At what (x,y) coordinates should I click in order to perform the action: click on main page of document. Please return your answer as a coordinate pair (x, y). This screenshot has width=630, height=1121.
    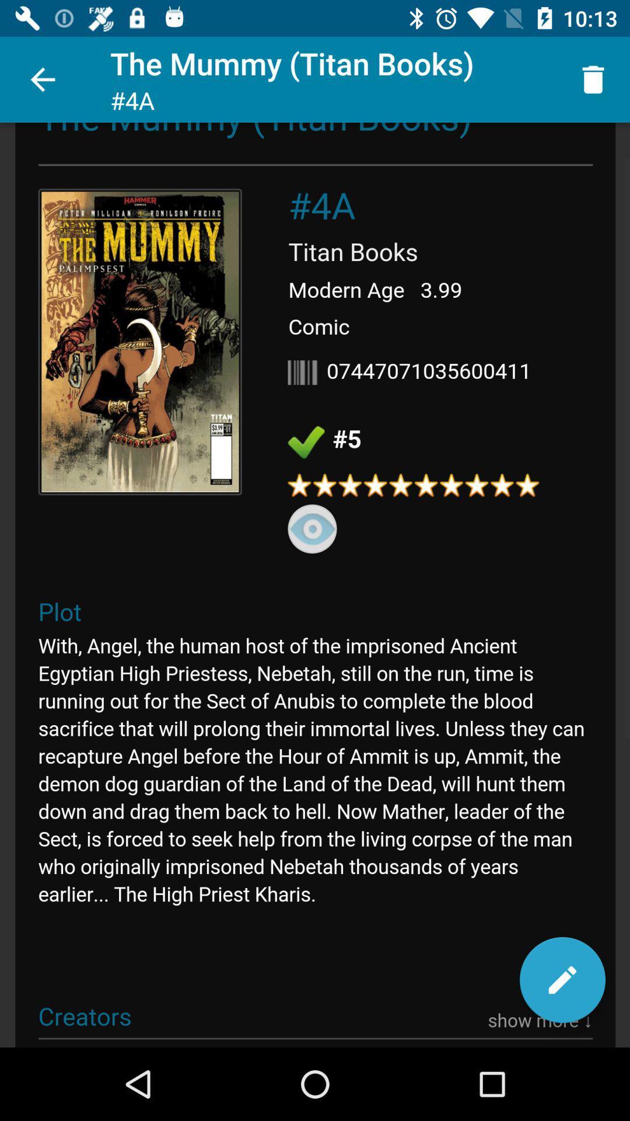
    Looking at the image, I should click on (315, 585).